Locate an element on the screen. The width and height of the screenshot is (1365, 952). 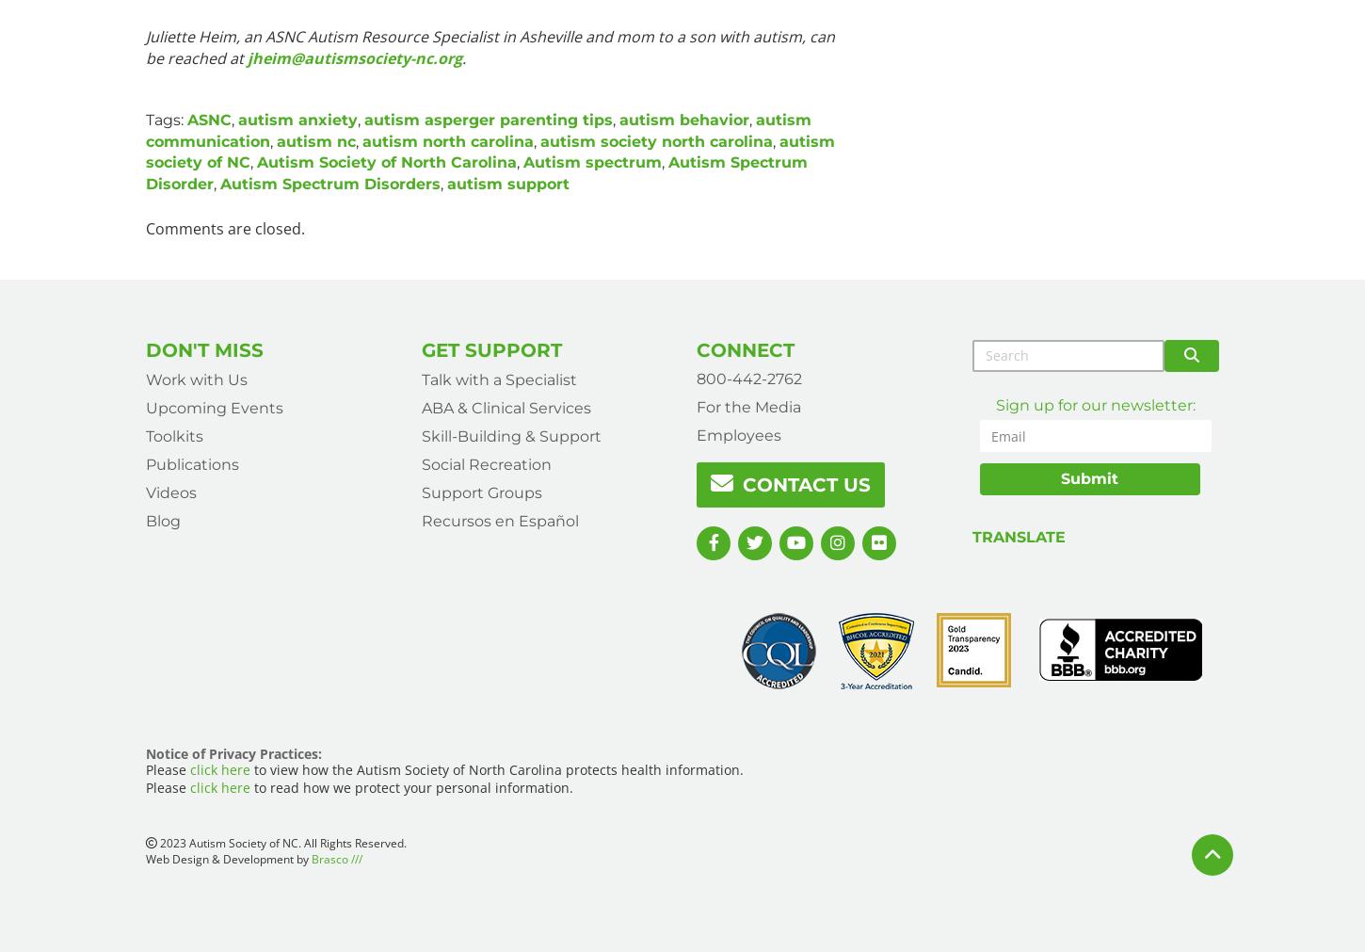
'ASNC' is located at coordinates (185, 118).